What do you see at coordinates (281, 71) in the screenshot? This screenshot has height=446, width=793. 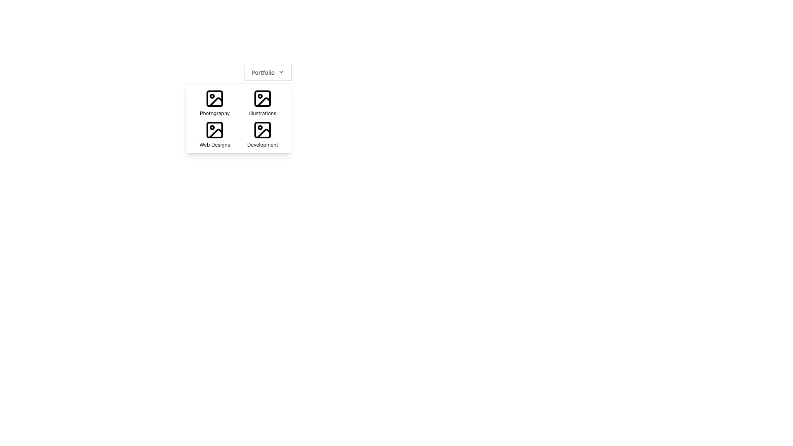 I see `the downward-pointing chevron SVG icon next to the 'Portfolio' button` at bounding box center [281, 71].